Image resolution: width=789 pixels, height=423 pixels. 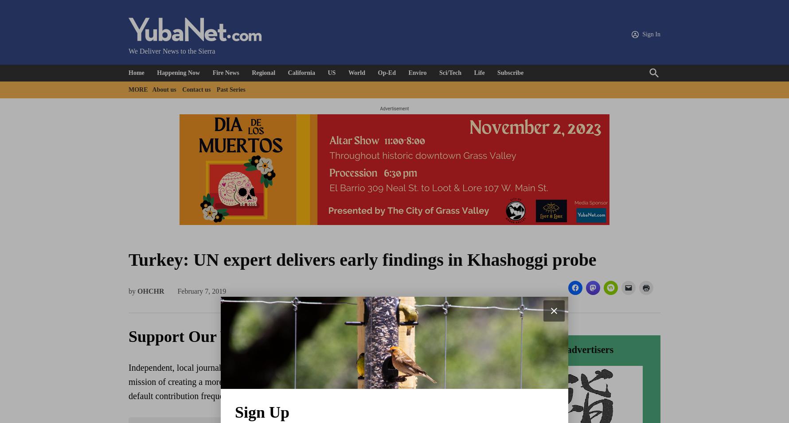 What do you see at coordinates (707, 58) in the screenshot?
I see `'Oldest'` at bounding box center [707, 58].